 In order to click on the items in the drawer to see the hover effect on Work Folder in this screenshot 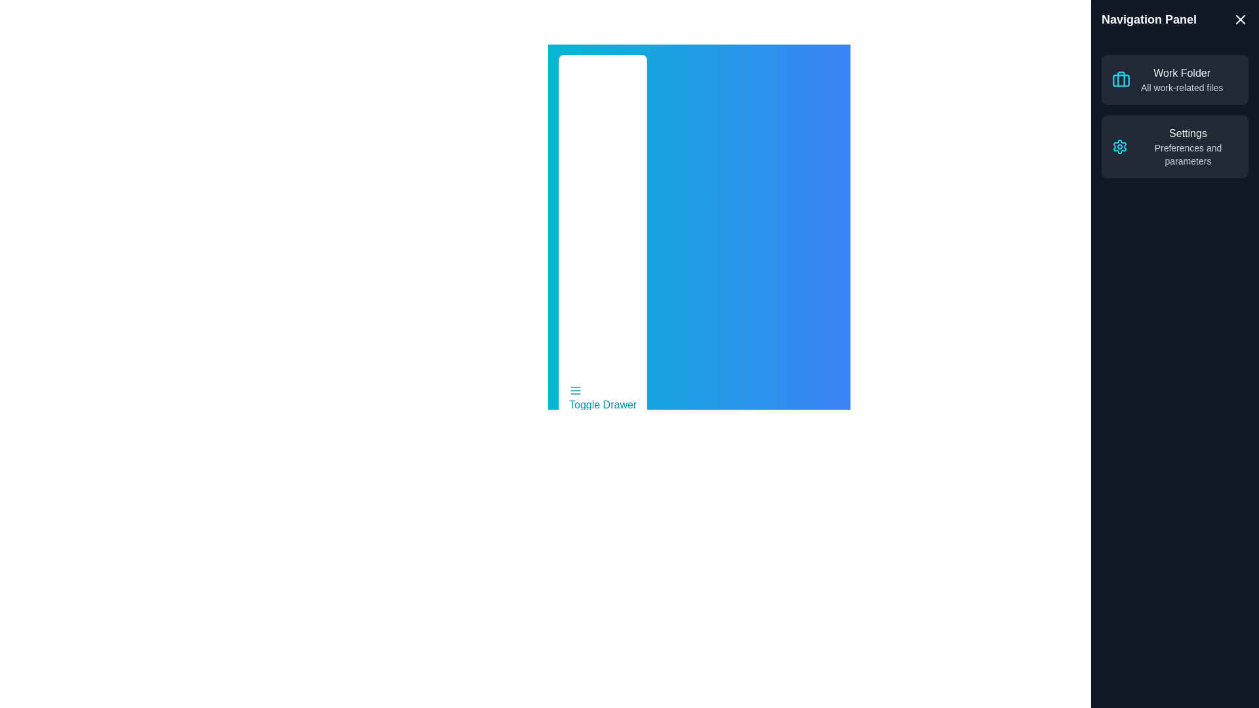, I will do `click(1182, 80)`.